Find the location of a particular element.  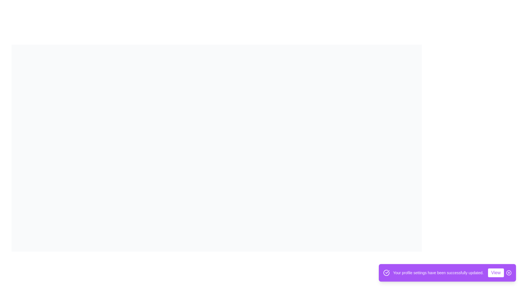

the close button to dismiss the snackbar is located at coordinates (508, 275).